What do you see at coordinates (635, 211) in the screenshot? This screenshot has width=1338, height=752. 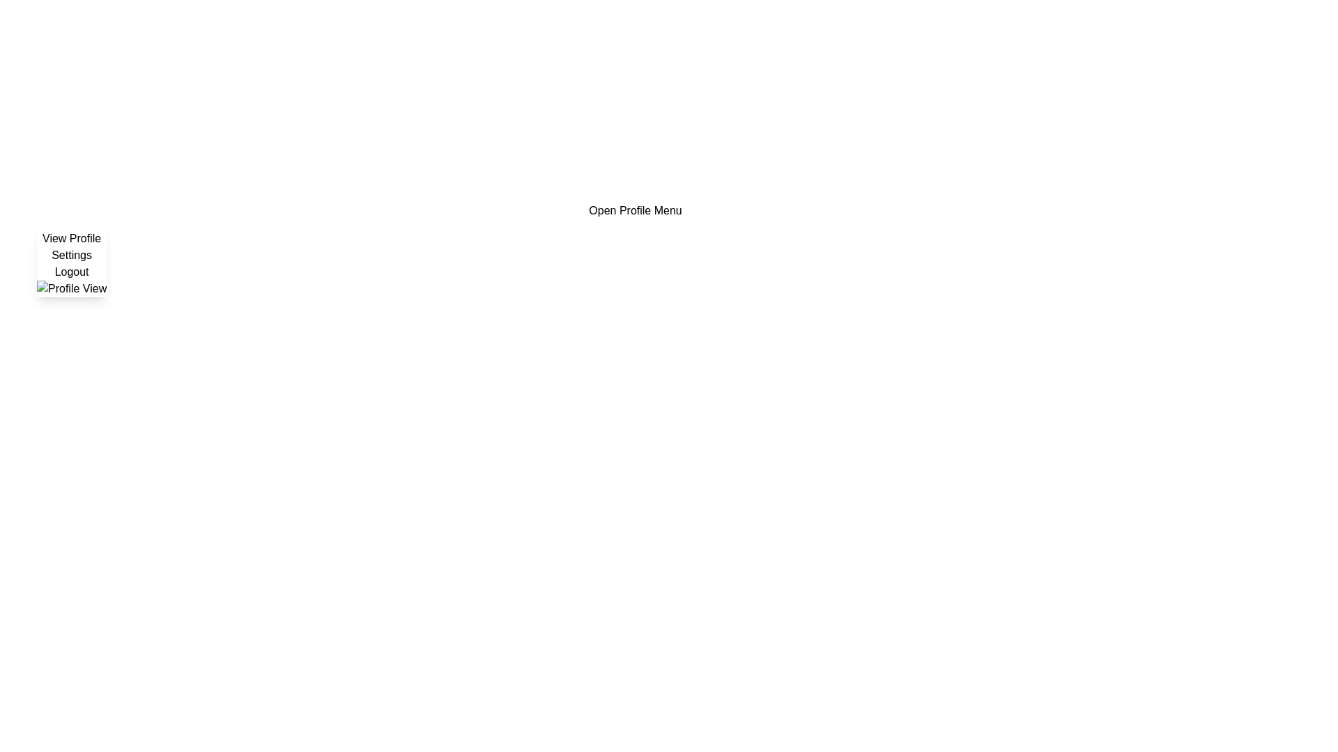 I see `the 'Open Profile Menu' button to interact` at bounding box center [635, 211].